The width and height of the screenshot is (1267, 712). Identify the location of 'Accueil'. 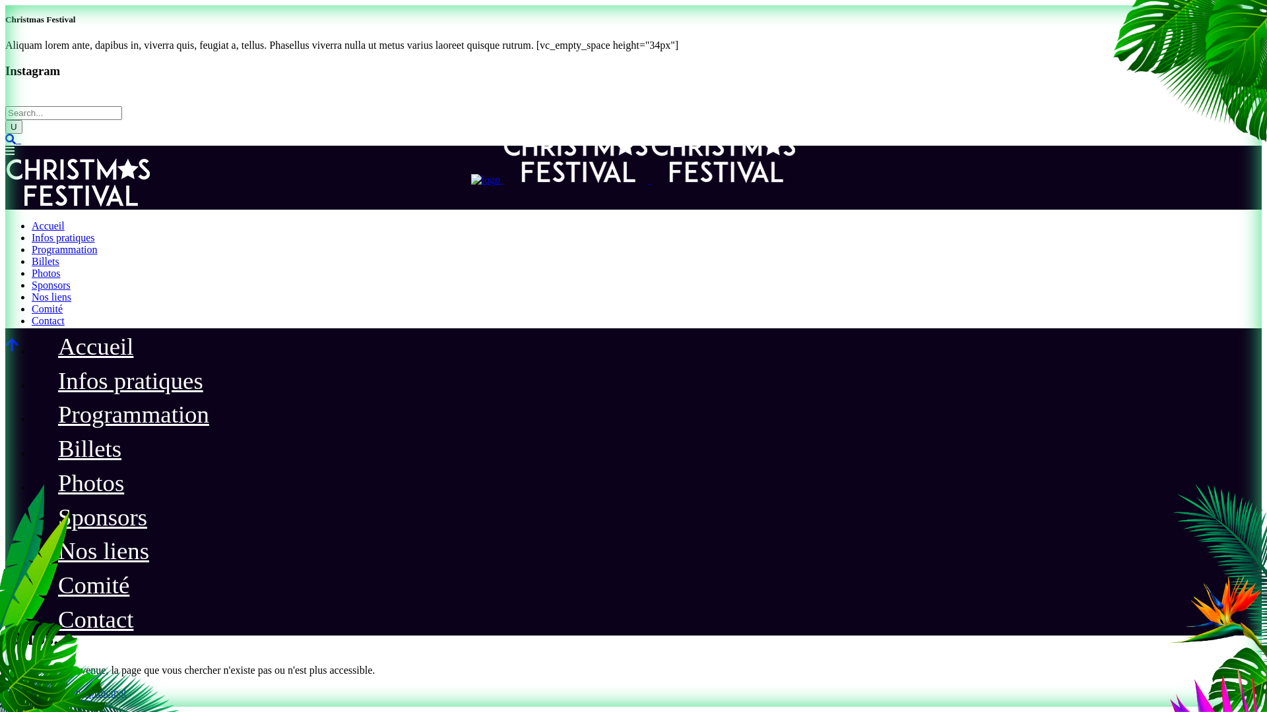
(48, 225).